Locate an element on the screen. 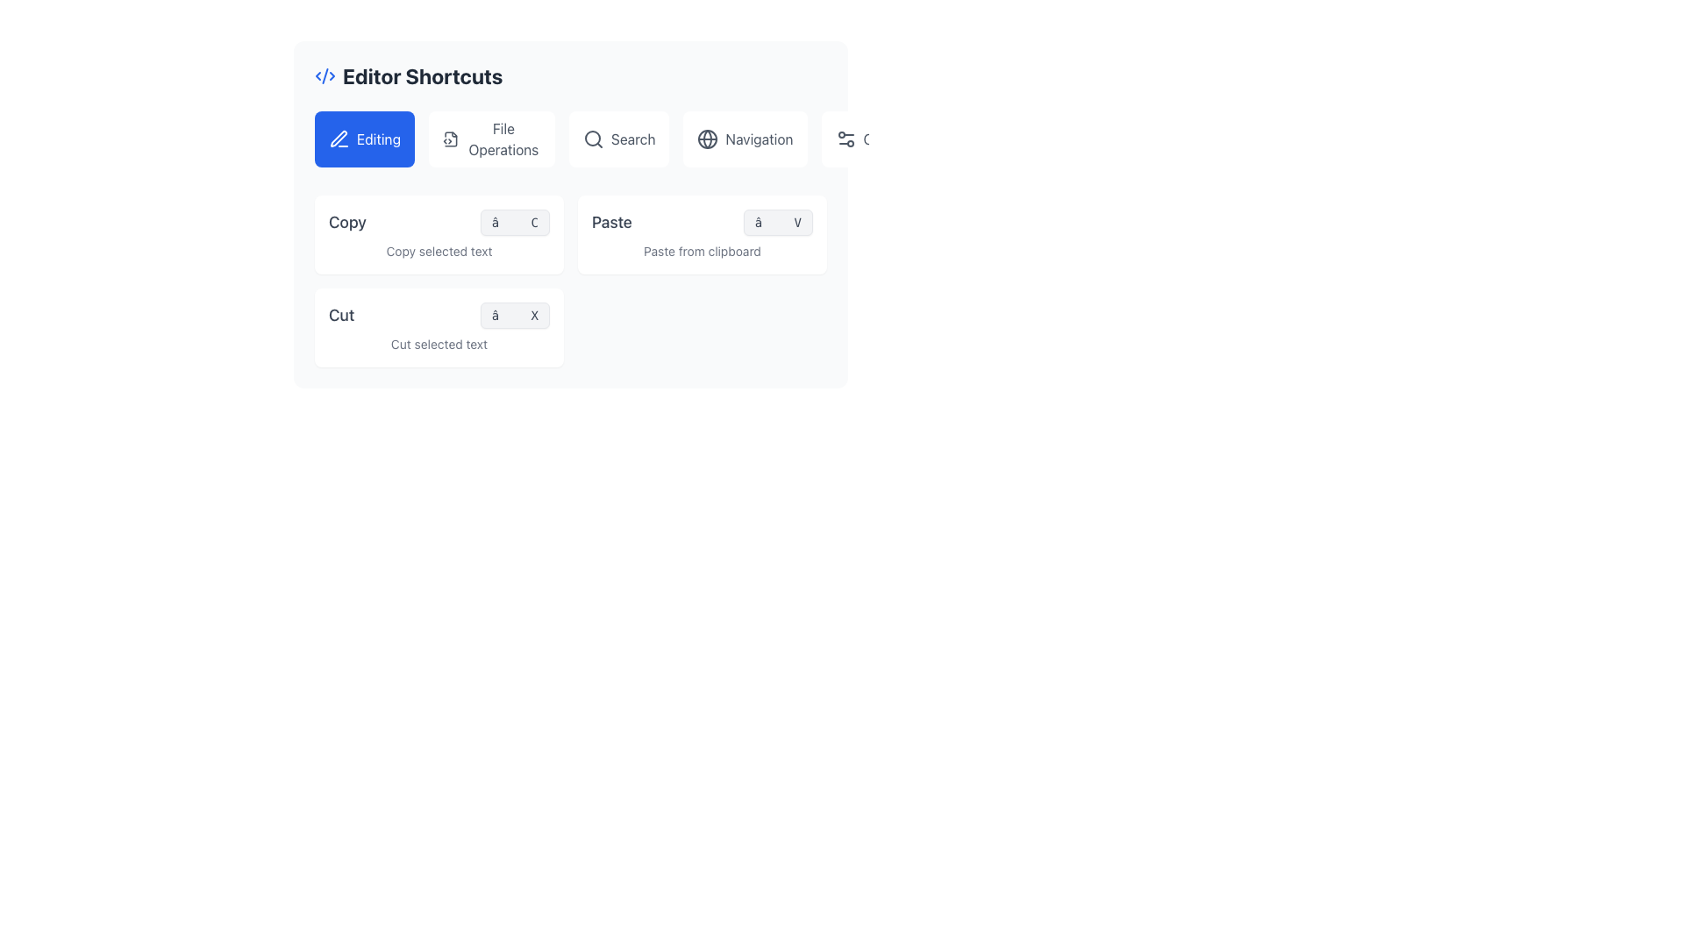  the small circle within the center of the magnifying glass icon located in the 'Search' button of the top toolbar is located at coordinates (593, 138).